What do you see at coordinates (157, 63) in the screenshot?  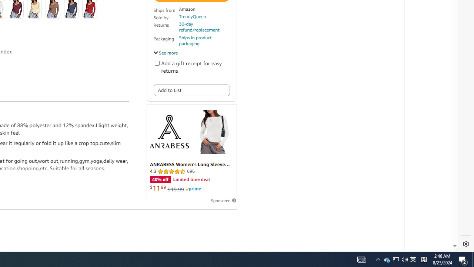 I see `'Add a gift receipt for easy returns'` at bounding box center [157, 63].